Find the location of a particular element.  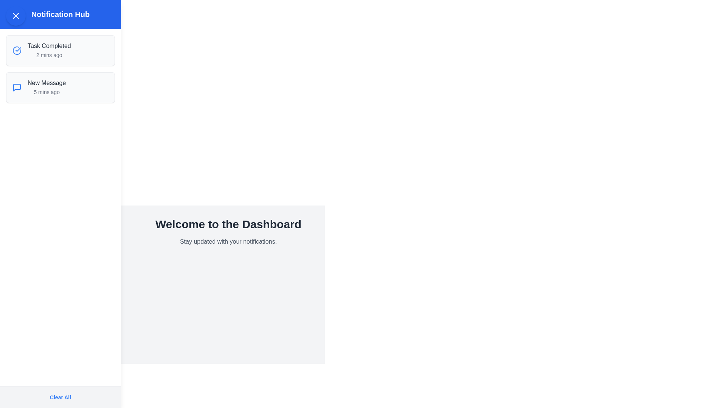

the notification text group that serves as the title and timestamp for the notification, located within the first notification entry of the sidebar interface is located at coordinates (49, 51).